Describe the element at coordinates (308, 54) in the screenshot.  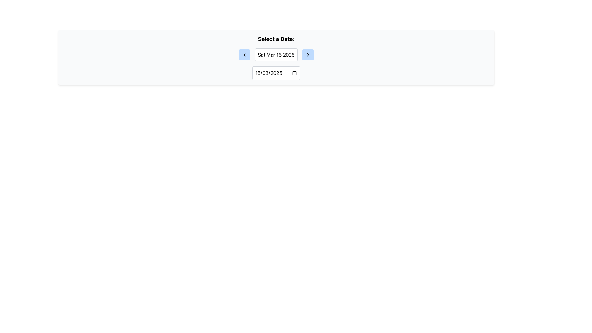
I see `the small, rounded rectangular light blue button with a dark right arrow icon in the center` at that location.